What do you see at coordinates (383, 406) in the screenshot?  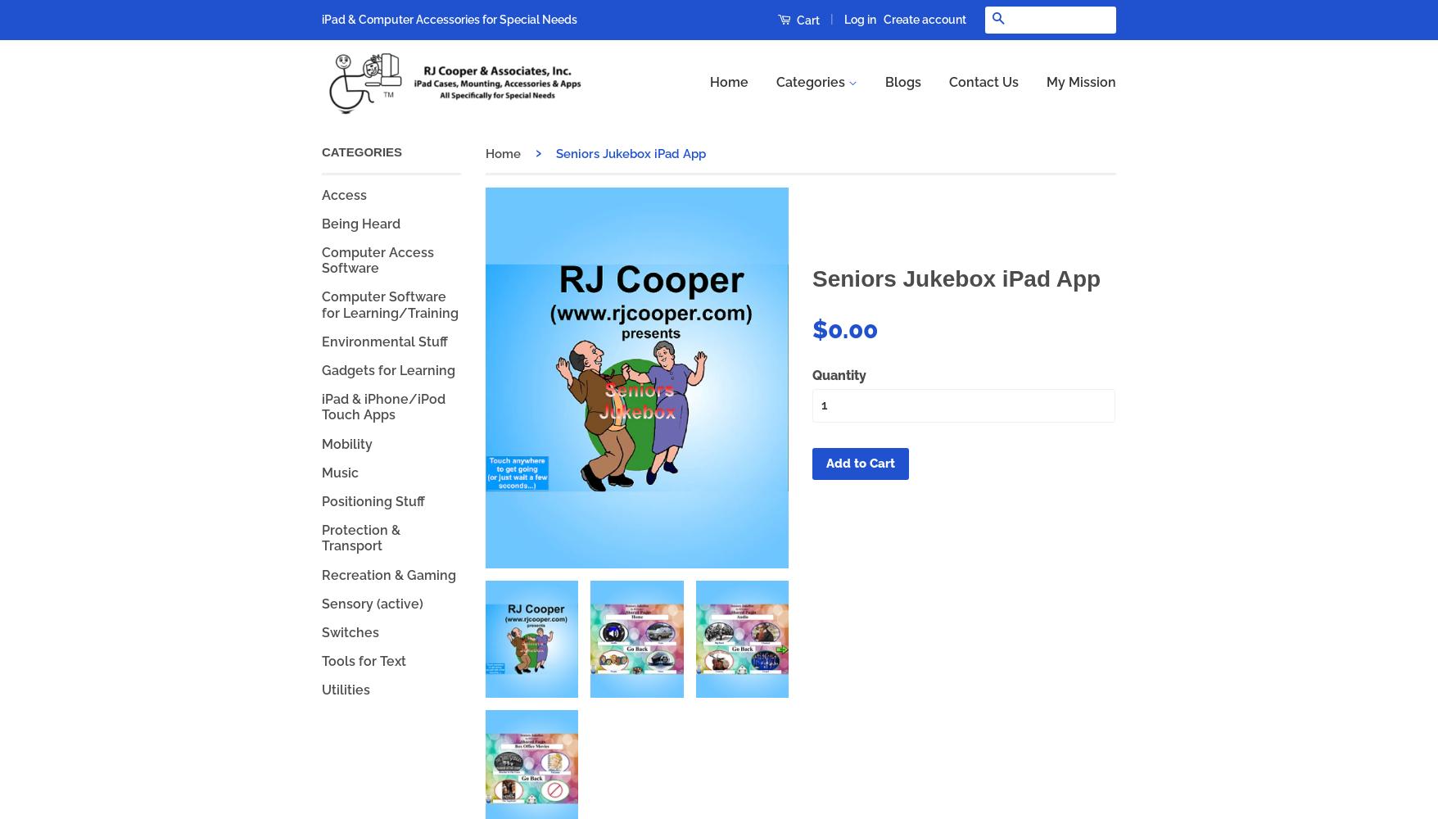 I see `'iPad & iPhone/iPod Touch Apps'` at bounding box center [383, 406].